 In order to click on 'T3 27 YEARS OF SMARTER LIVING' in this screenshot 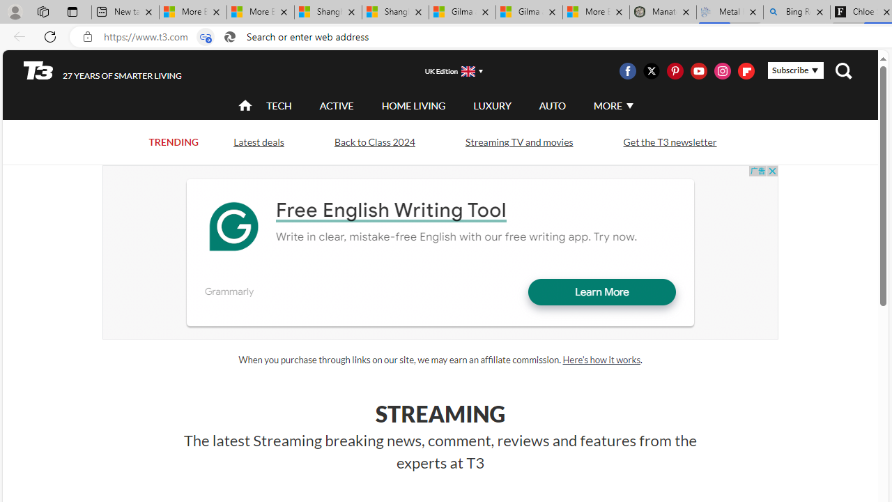, I will do `click(102, 70)`.